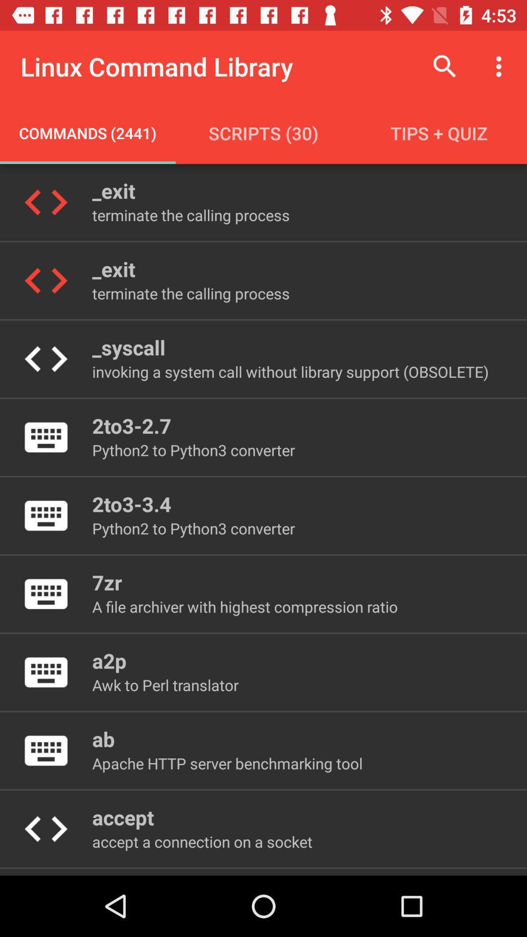 This screenshot has height=937, width=527. I want to click on the item above 2to3-2.7 icon, so click(290, 371).